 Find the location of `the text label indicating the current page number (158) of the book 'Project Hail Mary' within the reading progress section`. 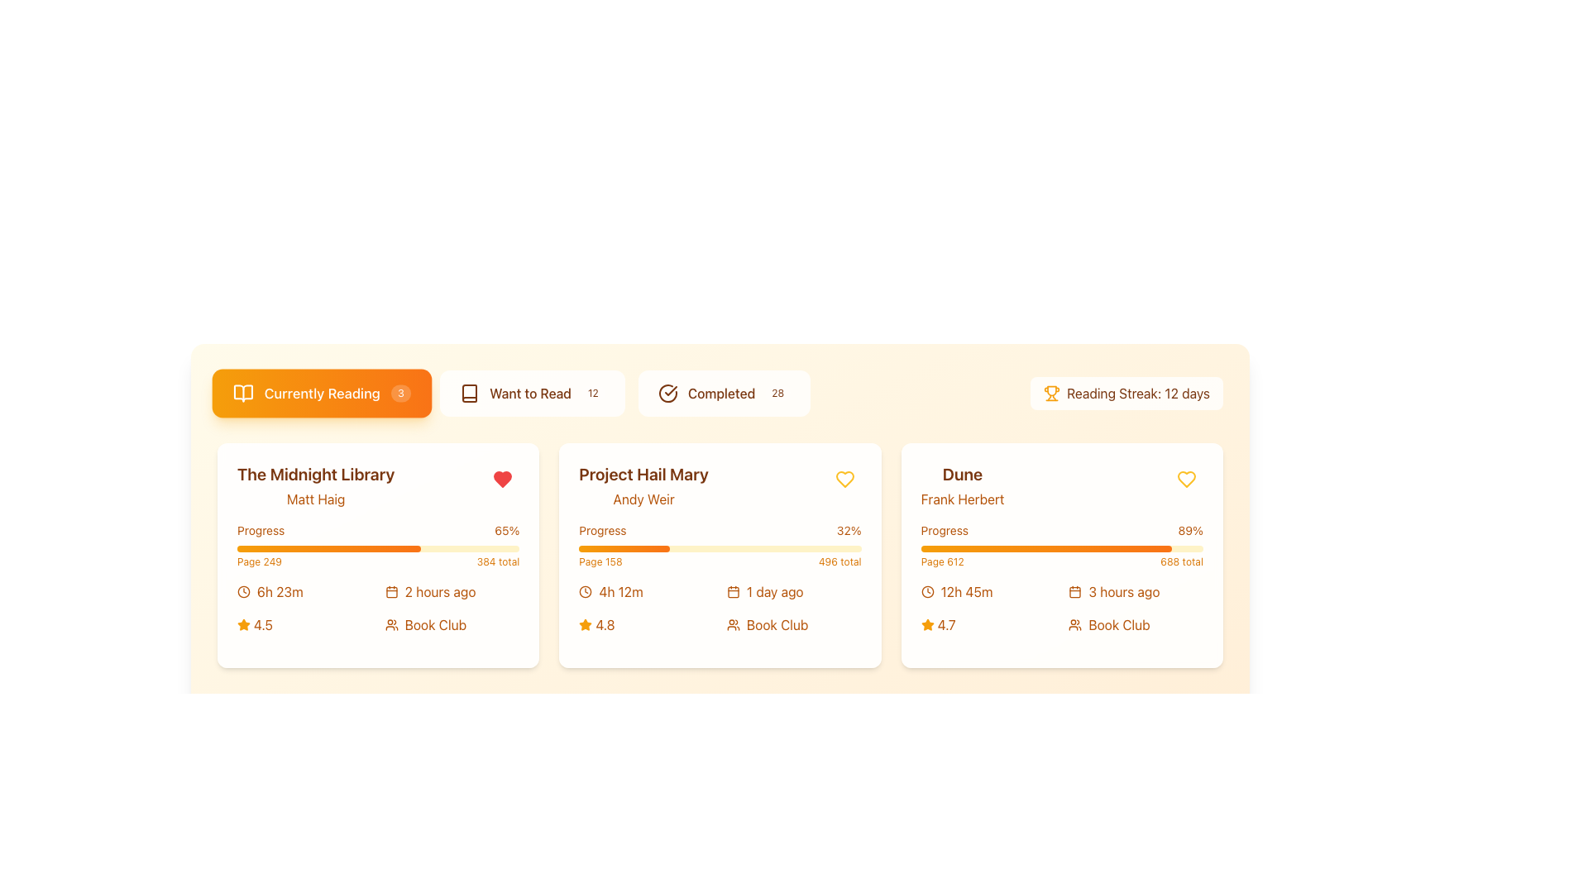

the text label indicating the current page number (158) of the book 'Project Hail Mary' within the reading progress section is located at coordinates (600, 561).